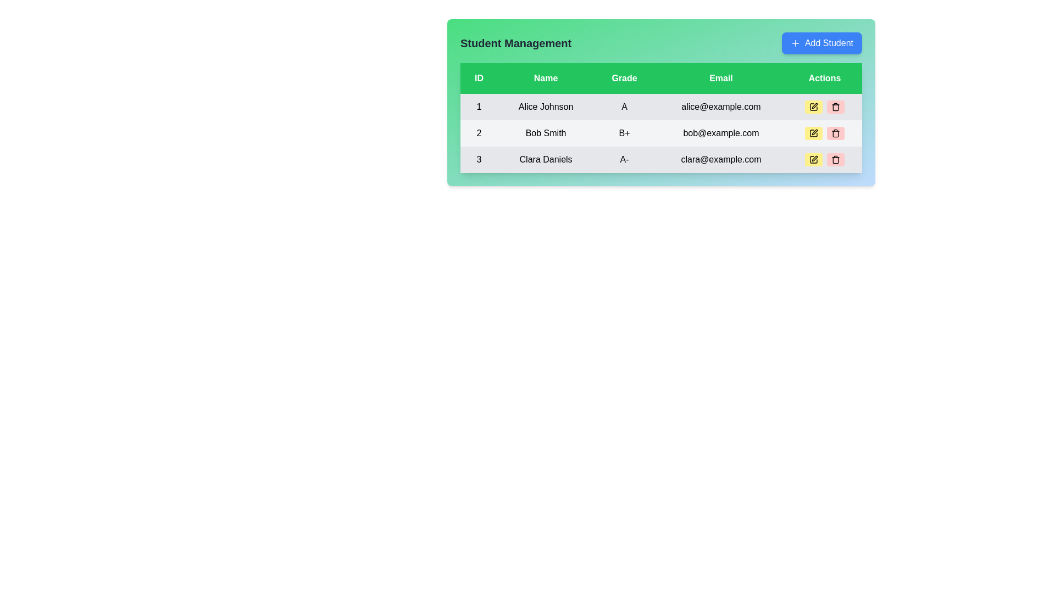 The width and height of the screenshot is (1055, 593). I want to click on the delete button in the Action group for the student 'Alice Johnson' in the first row of the table, so click(824, 107).